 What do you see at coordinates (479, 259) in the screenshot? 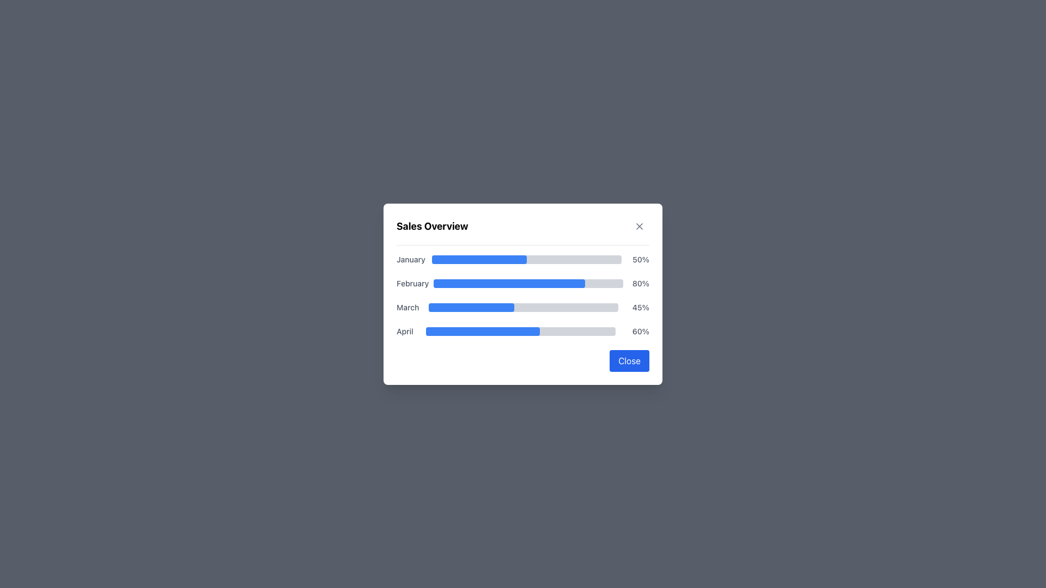
I see `blue progress bar representing 50% completion for the 'January' sales metric located in the 'Sales Overview' section` at bounding box center [479, 259].